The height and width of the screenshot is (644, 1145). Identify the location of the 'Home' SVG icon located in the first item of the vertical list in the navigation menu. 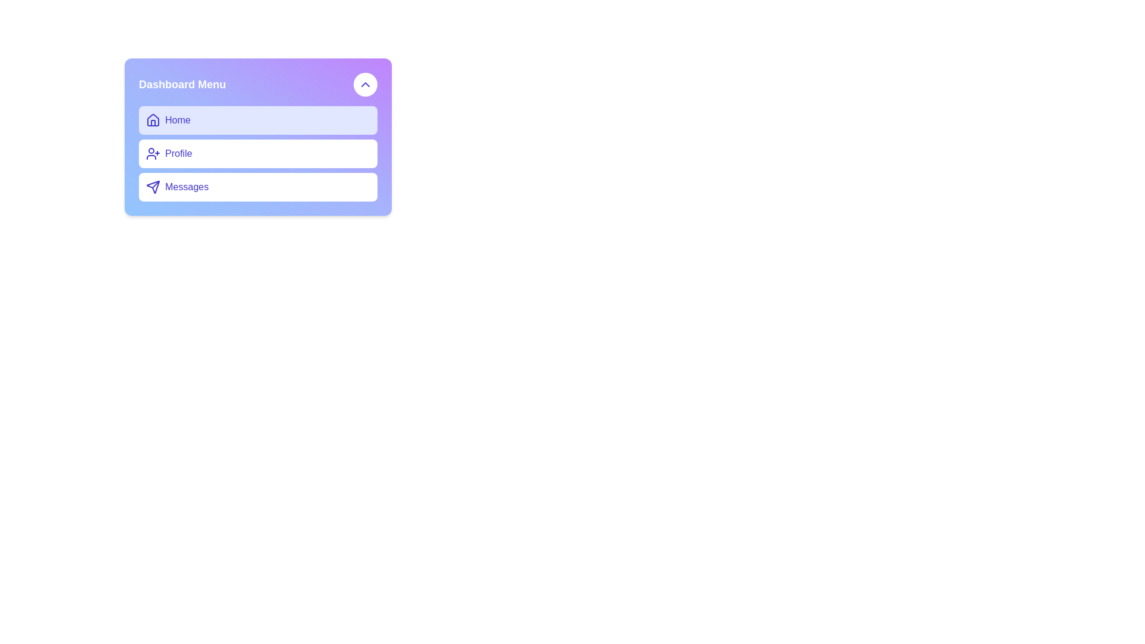
(153, 119).